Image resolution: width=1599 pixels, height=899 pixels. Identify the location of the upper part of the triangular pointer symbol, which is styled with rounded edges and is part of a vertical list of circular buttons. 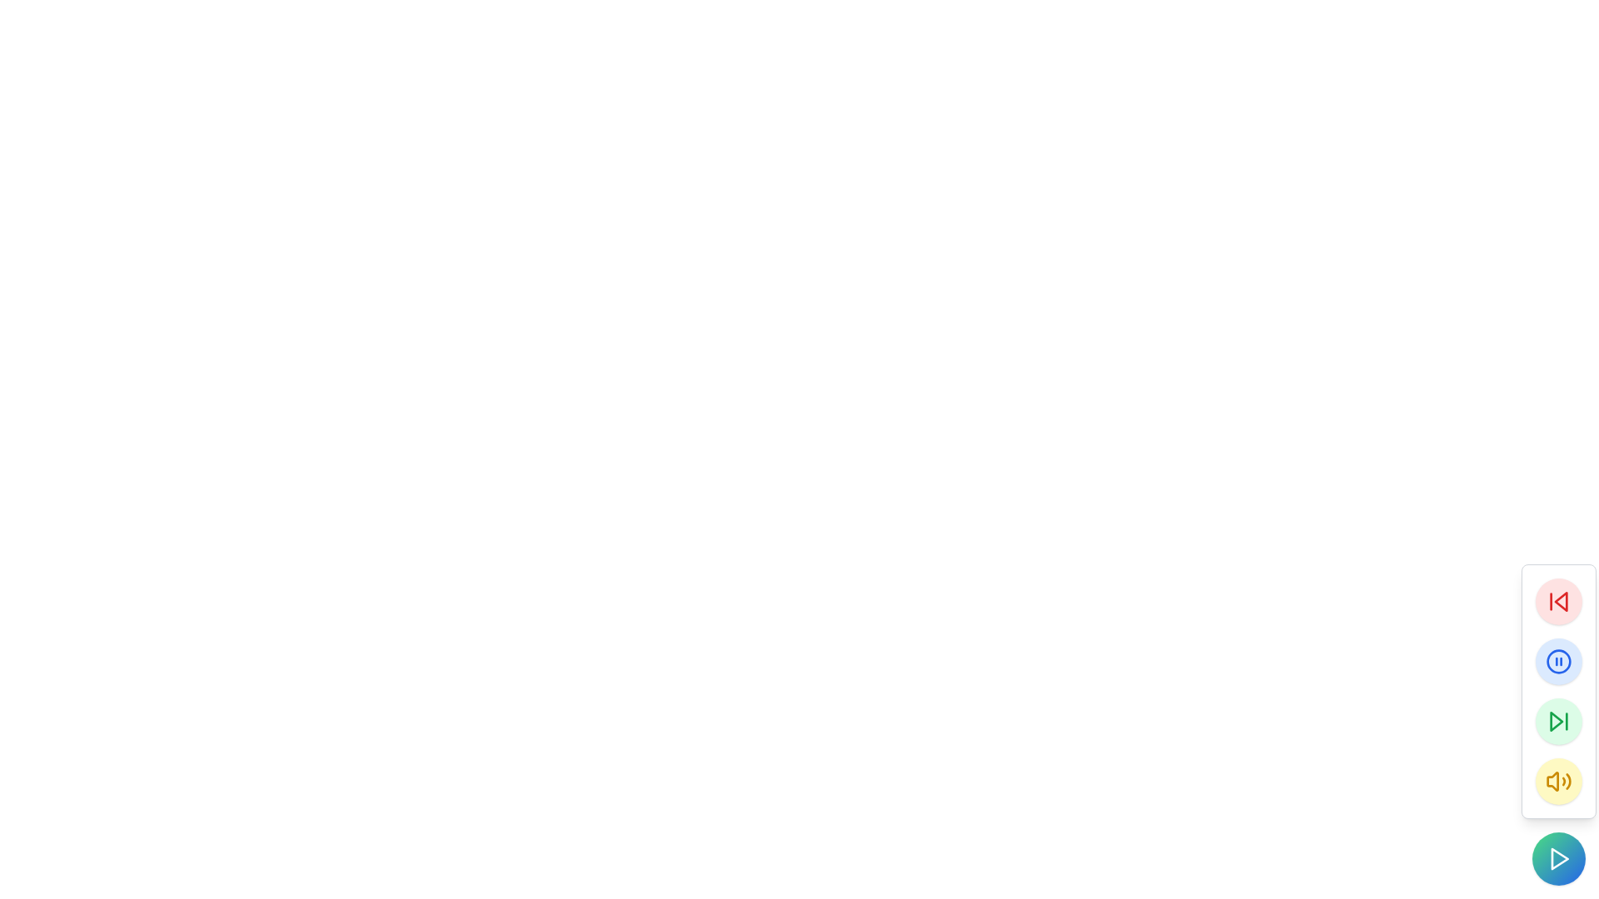
(1559, 601).